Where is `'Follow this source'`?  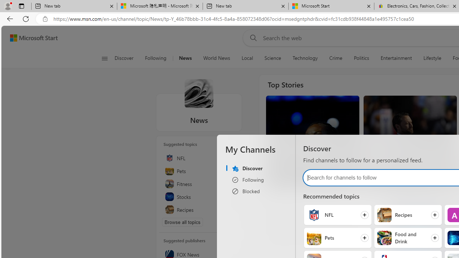
'Follow this source' is located at coordinates (231, 254).